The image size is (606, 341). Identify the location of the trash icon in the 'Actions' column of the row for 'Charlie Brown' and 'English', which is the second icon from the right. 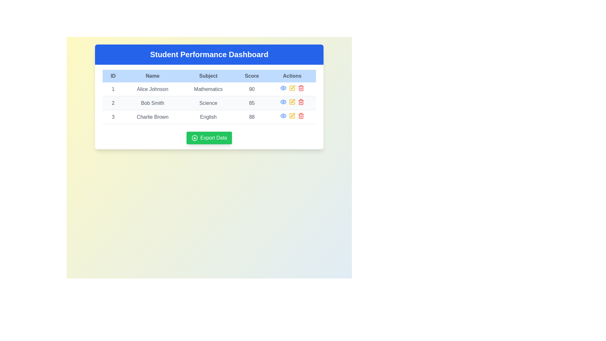
(300, 116).